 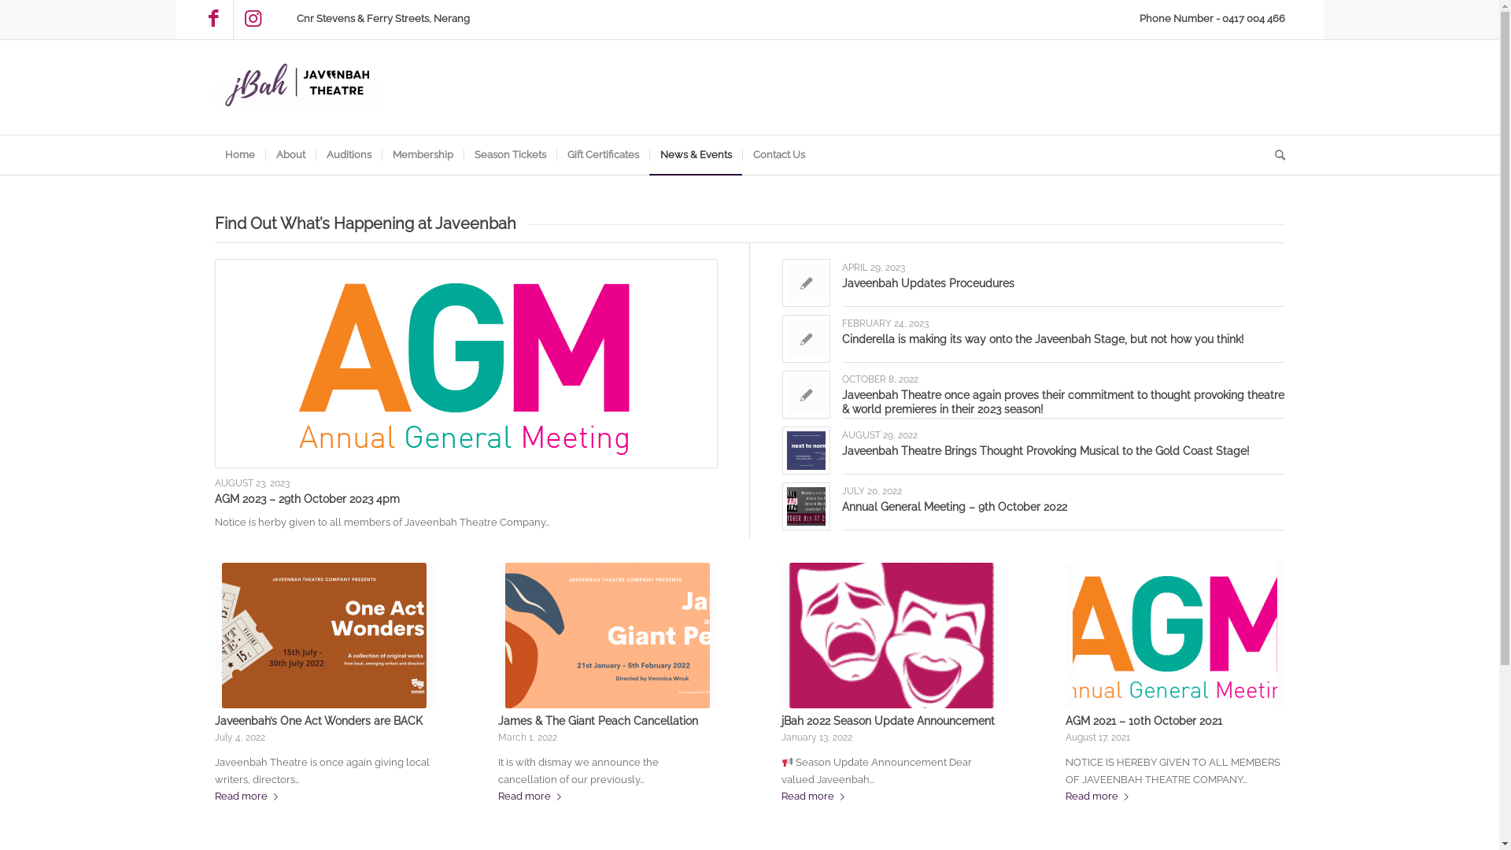 I want to click on 'About', so click(x=264, y=154).